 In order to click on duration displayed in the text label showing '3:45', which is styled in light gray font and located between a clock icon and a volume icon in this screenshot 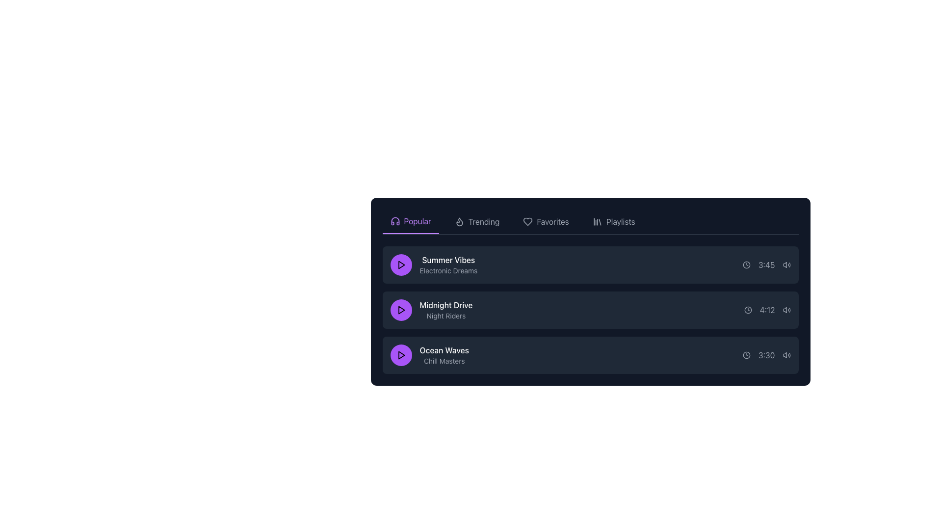, I will do `click(766, 265)`.